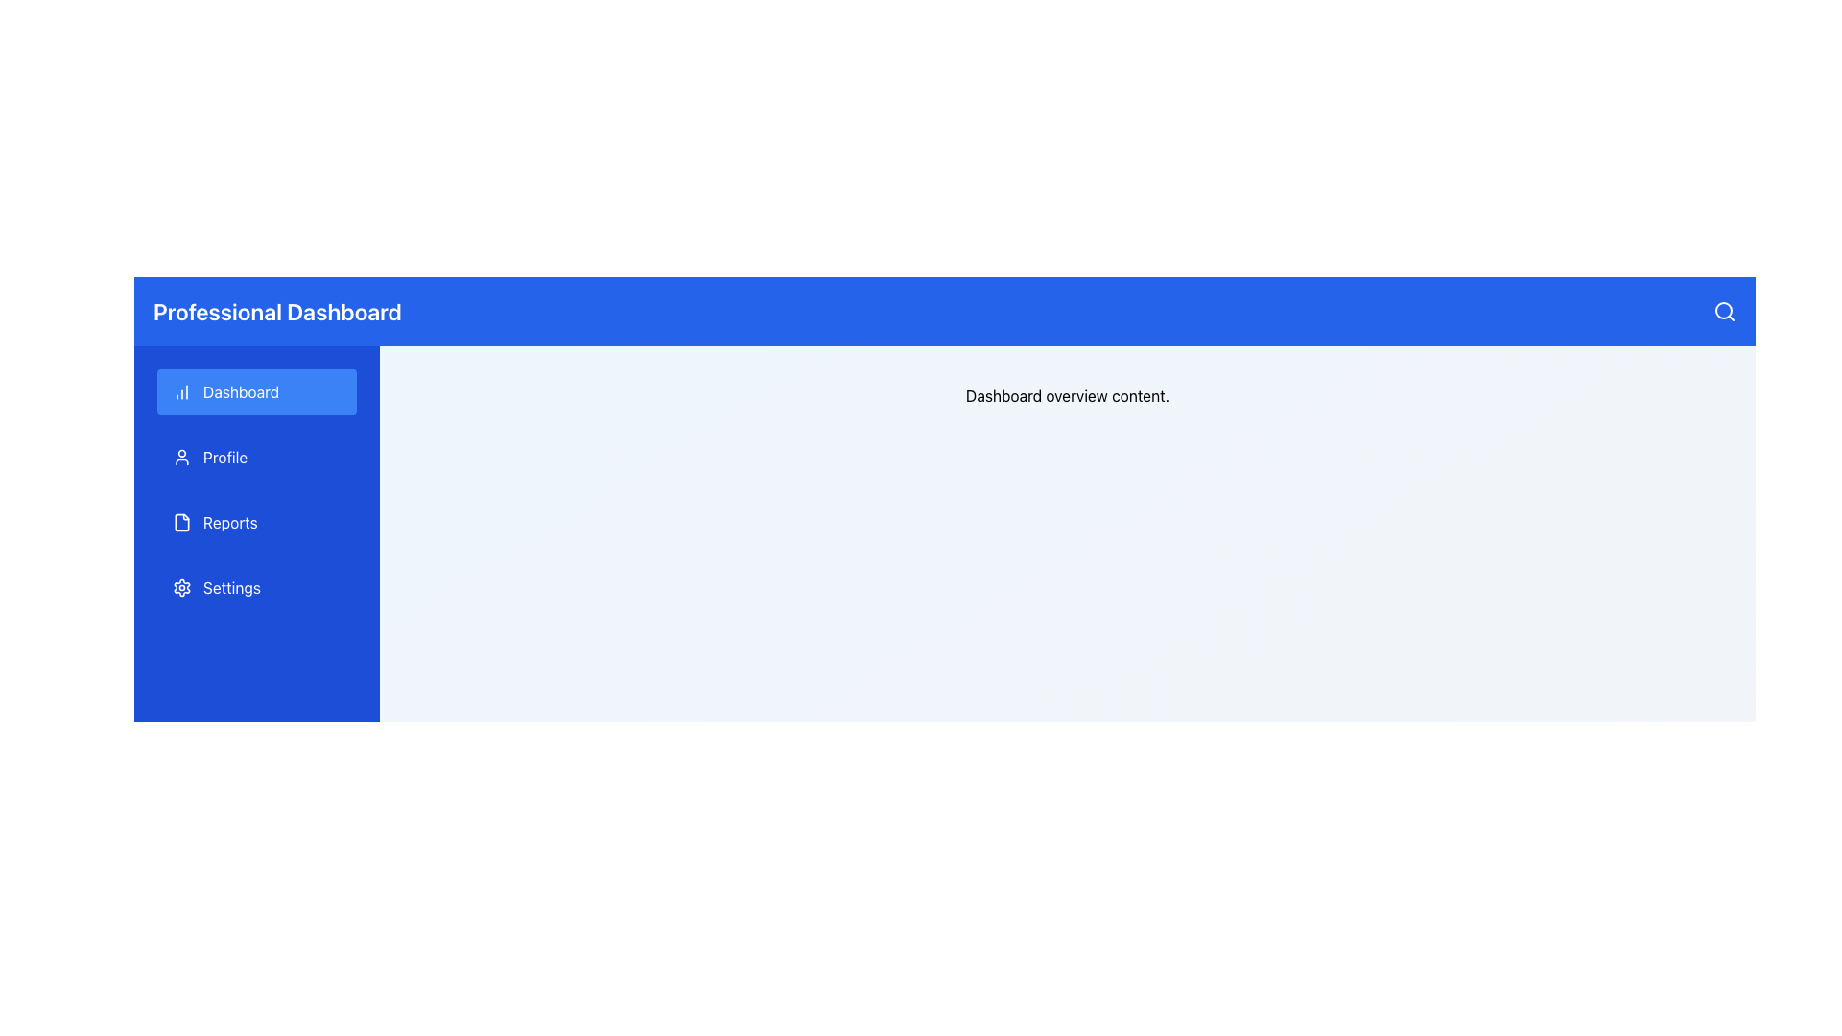 This screenshot has height=1036, width=1842. What do you see at coordinates (182, 522) in the screenshot?
I see `the minimalistic outline file icon located beside the 'Reports' text label in the left navigation menu` at bounding box center [182, 522].